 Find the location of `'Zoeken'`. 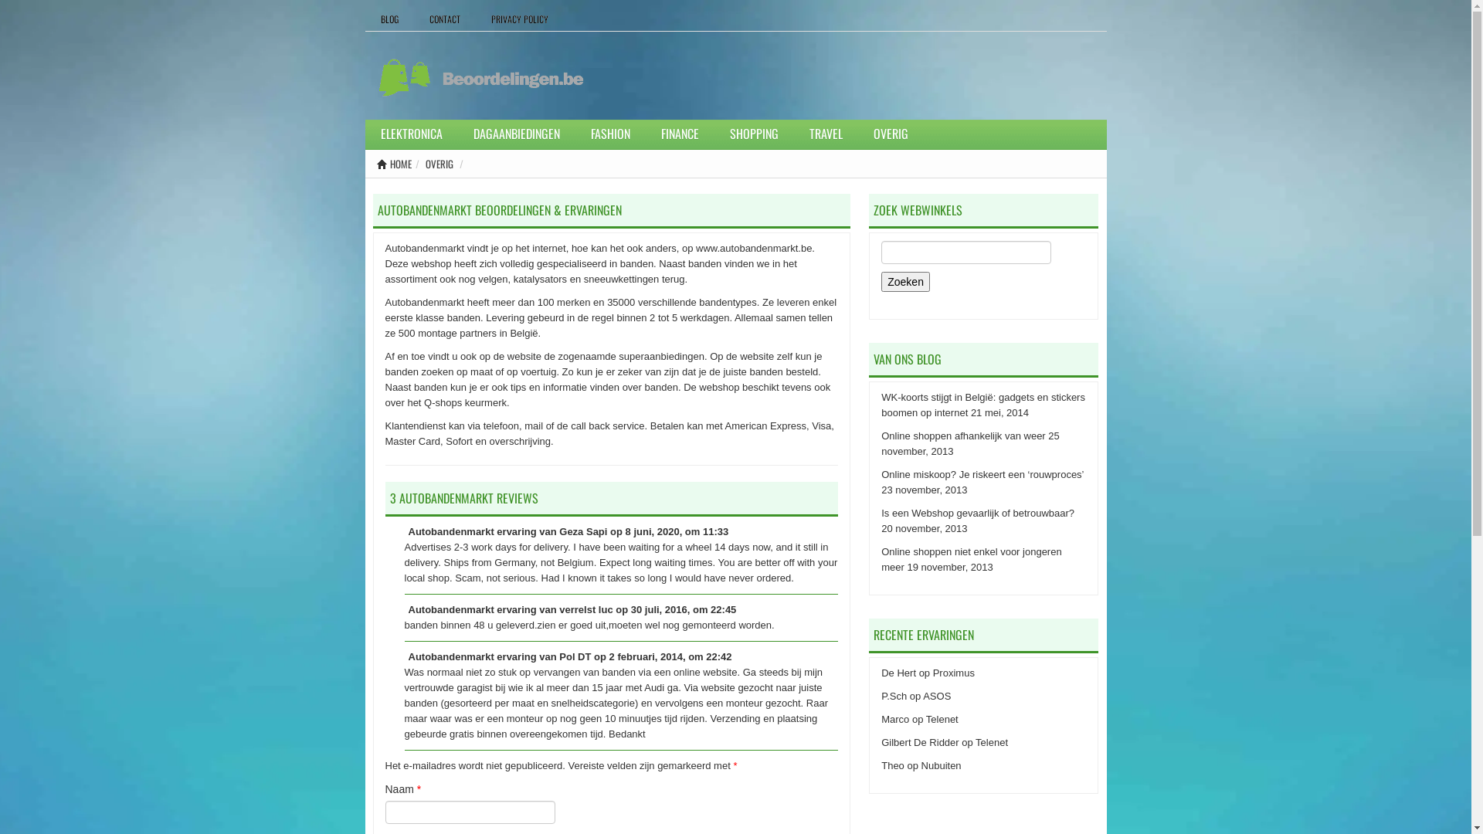

'Zoeken' is located at coordinates (905, 282).